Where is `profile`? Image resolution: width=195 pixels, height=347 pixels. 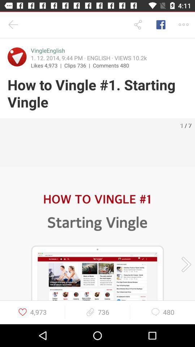 profile is located at coordinates (17, 56).